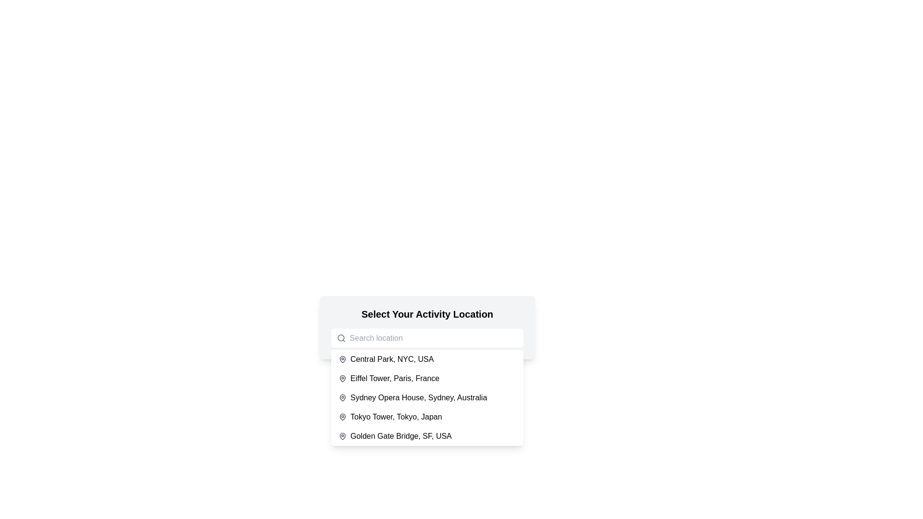  What do you see at coordinates (401, 436) in the screenshot?
I see `the fifth item in the dropdown menu` at bounding box center [401, 436].